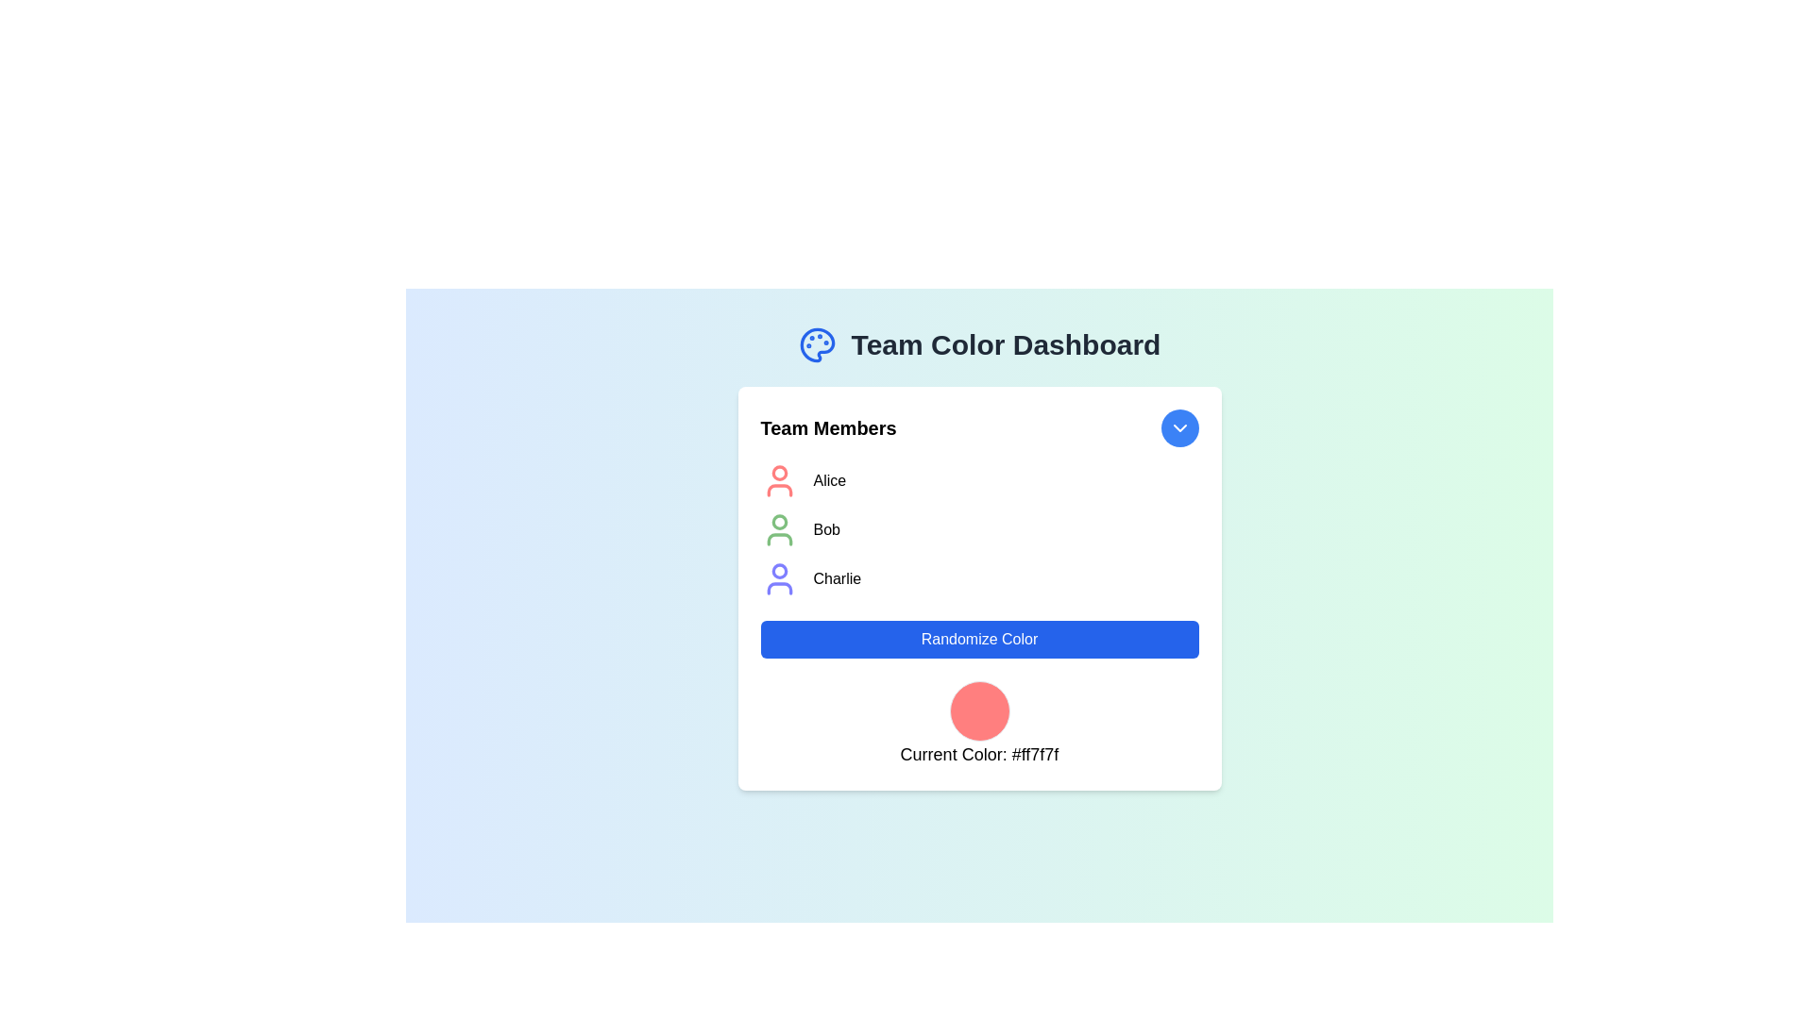 The image size is (1813, 1019). I want to click on the upward chevron icon with a blue circular background located at the top-right corner of the 'Team Color Dashboard' card, so click(1178, 428).